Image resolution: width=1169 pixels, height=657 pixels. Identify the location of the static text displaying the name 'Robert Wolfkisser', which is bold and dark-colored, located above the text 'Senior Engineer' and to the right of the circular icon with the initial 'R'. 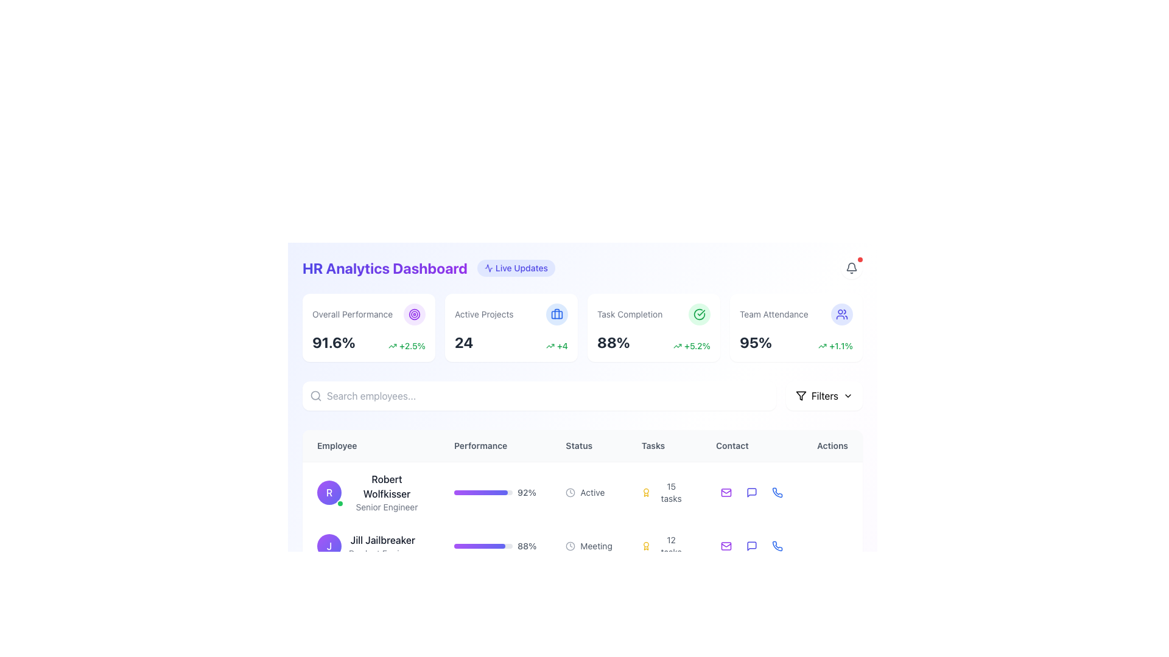
(386, 485).